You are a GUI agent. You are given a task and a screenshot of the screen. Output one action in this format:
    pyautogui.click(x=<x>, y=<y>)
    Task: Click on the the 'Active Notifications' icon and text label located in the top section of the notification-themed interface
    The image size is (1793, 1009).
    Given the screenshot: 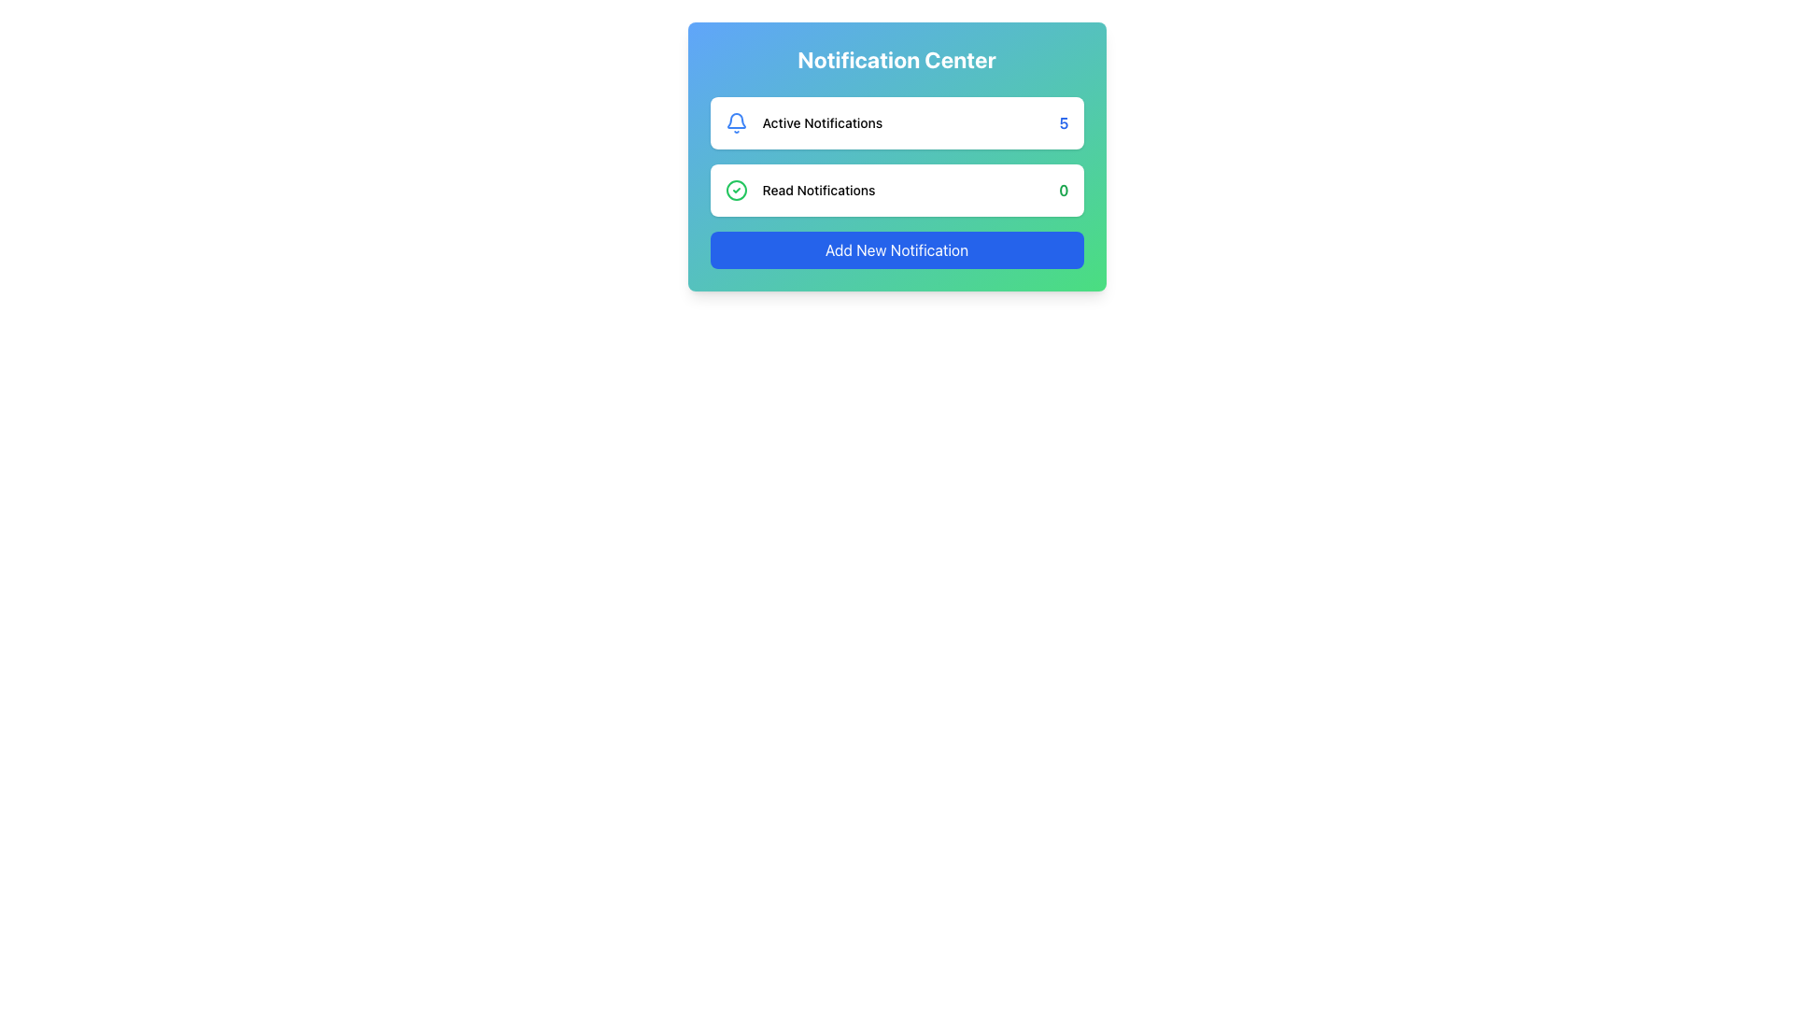 What is the action you would take?
    pyautogui.click(x=803, y=122)
    